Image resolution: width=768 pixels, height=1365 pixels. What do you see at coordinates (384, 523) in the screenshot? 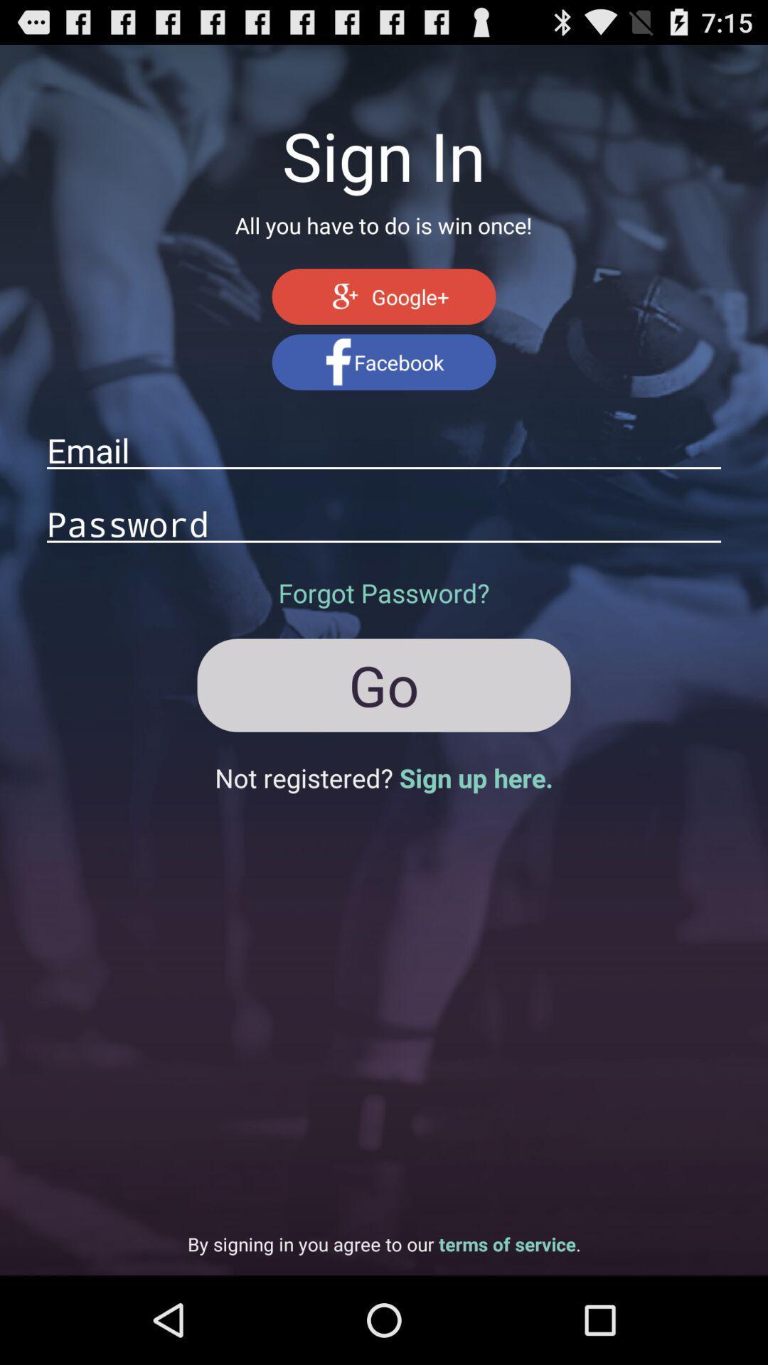
I see `typing box` at bounding box center [384, 523].